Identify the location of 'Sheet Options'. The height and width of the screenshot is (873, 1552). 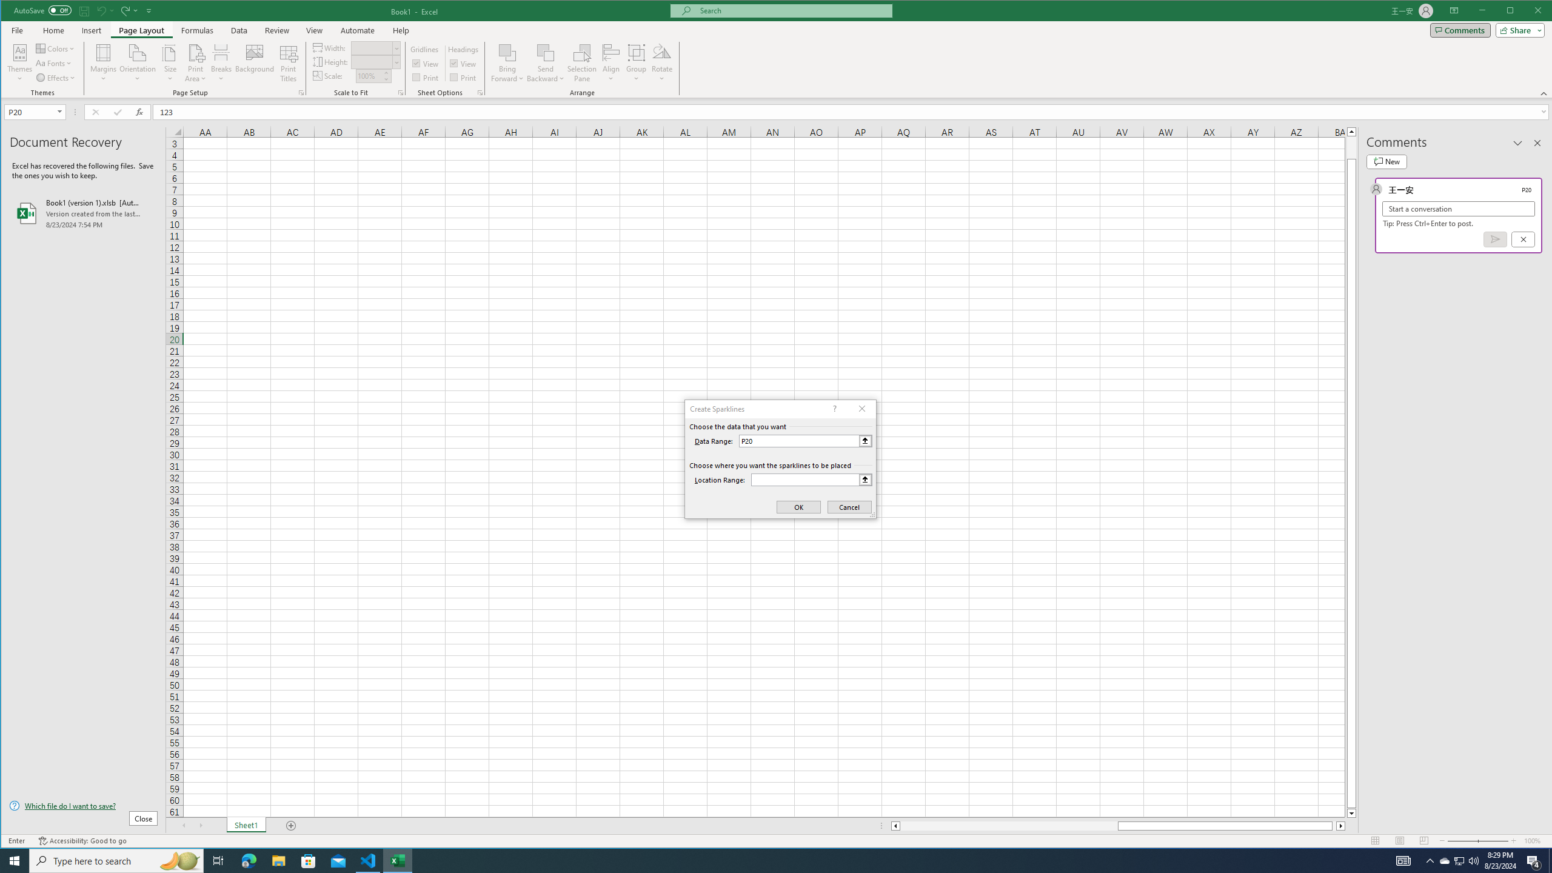
(479, 93).